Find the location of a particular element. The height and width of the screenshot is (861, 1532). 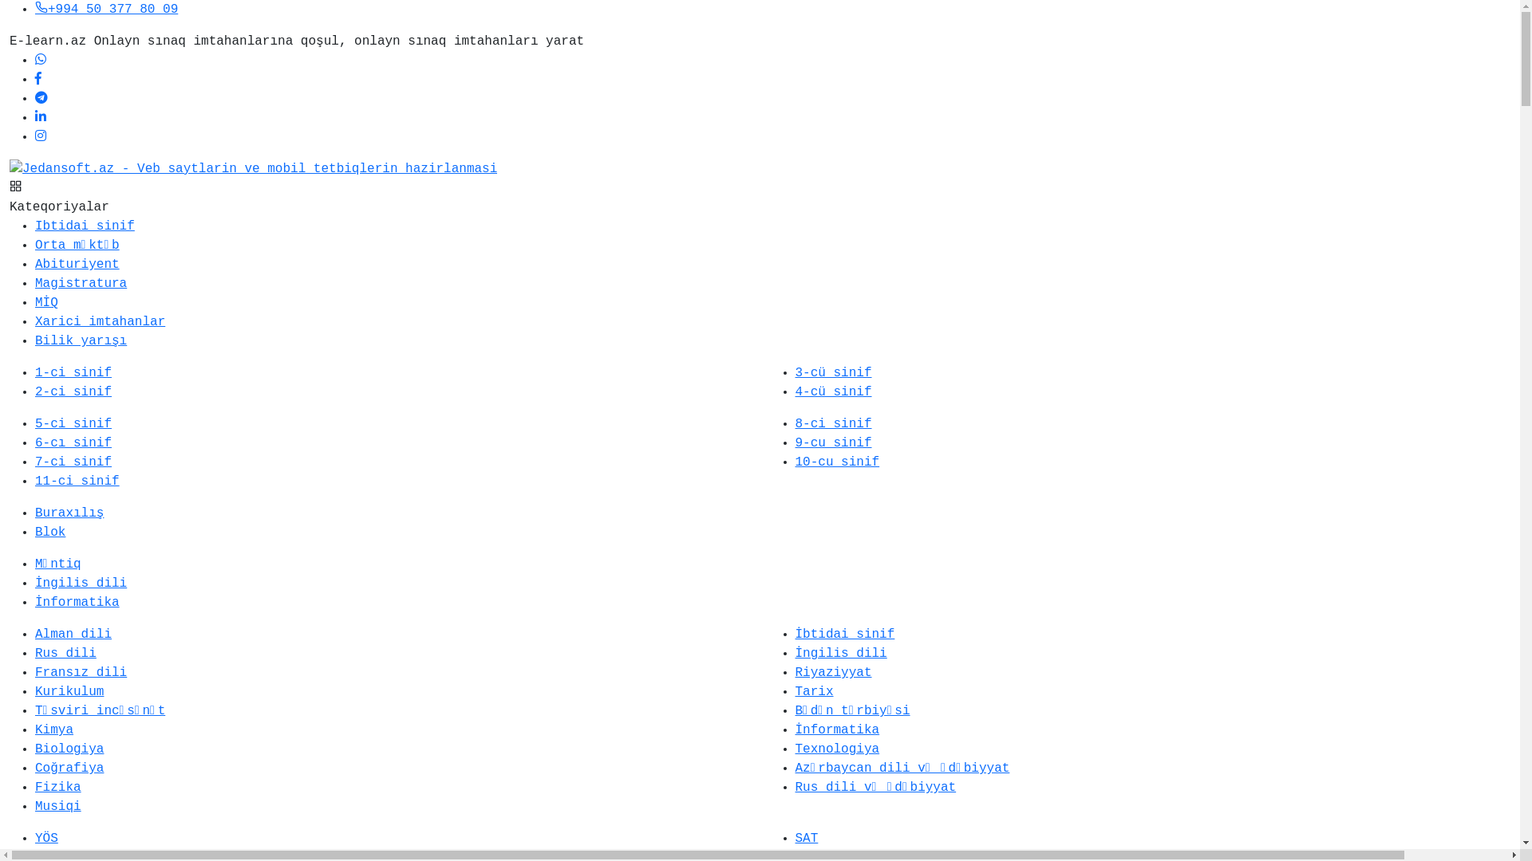

'Abituriyent' is located at coordinates (76, 263).